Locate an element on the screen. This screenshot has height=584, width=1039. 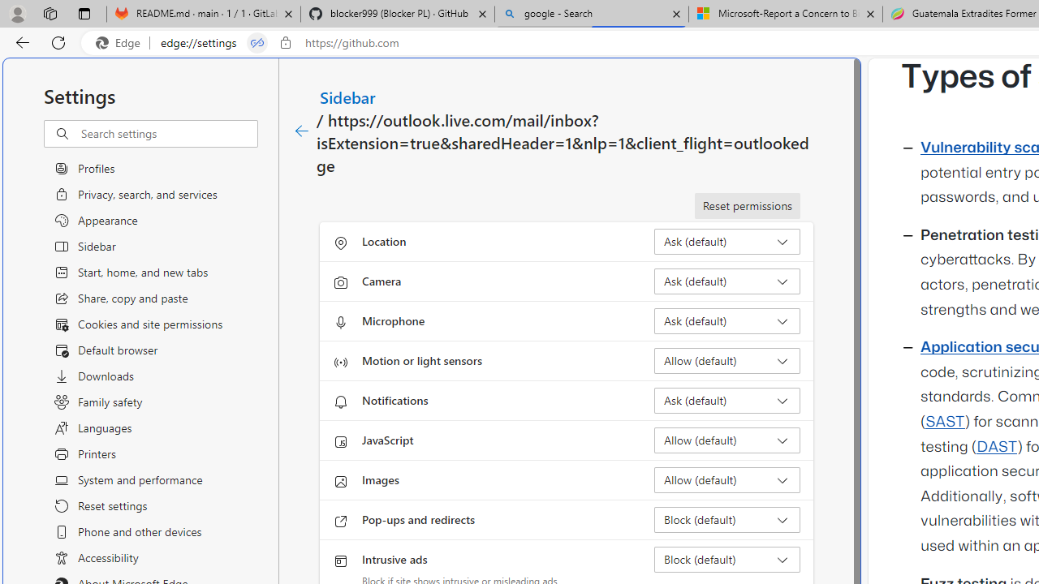
'Class: c01182' is located at coordinates (301, 131).